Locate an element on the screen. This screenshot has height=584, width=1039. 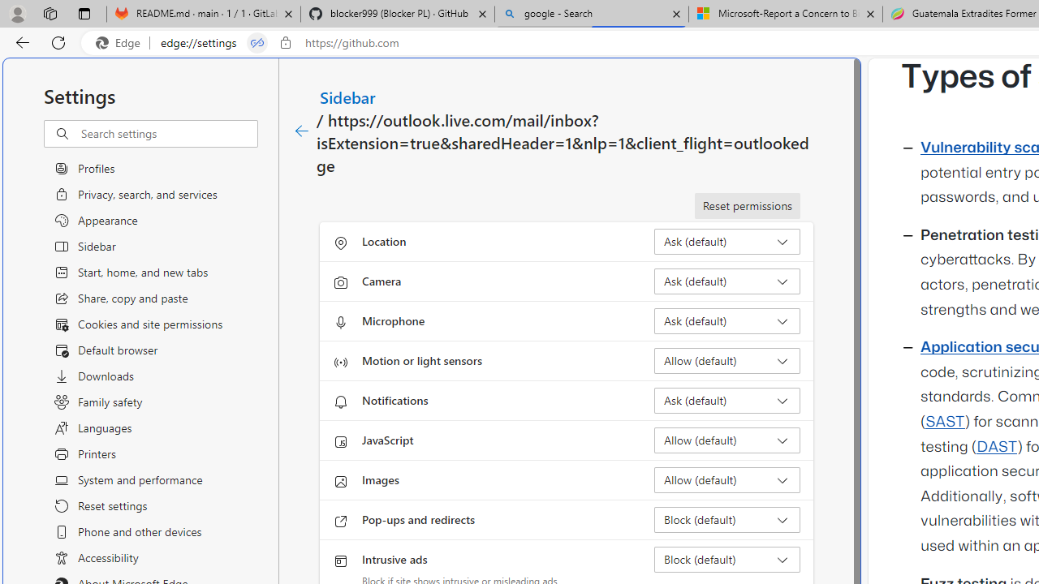
'Class: c01182' is located at coordinates (301, 131).